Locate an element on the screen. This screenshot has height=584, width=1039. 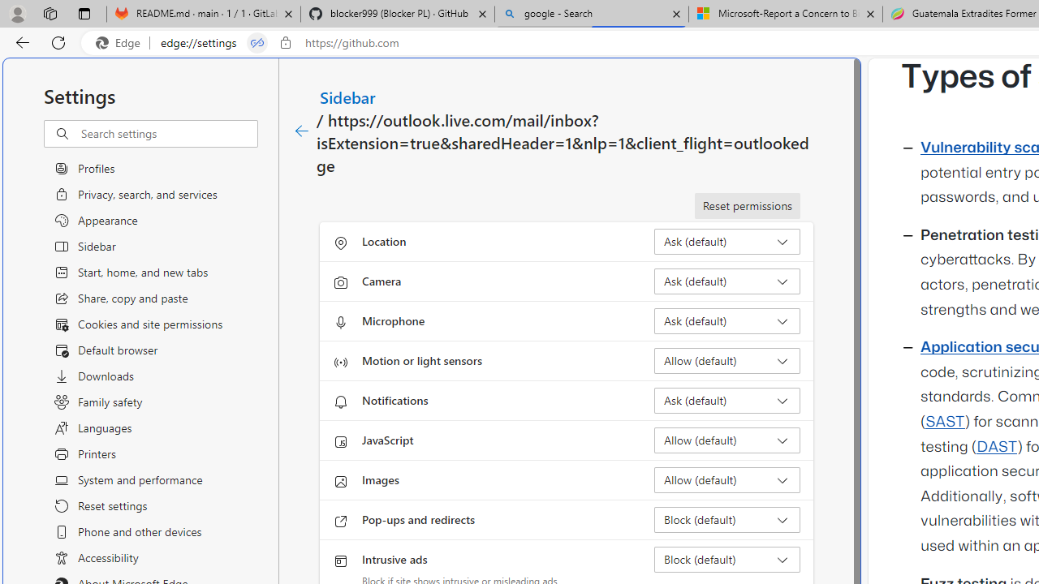
'Class: c01182' is located at coordinates (301, 131).